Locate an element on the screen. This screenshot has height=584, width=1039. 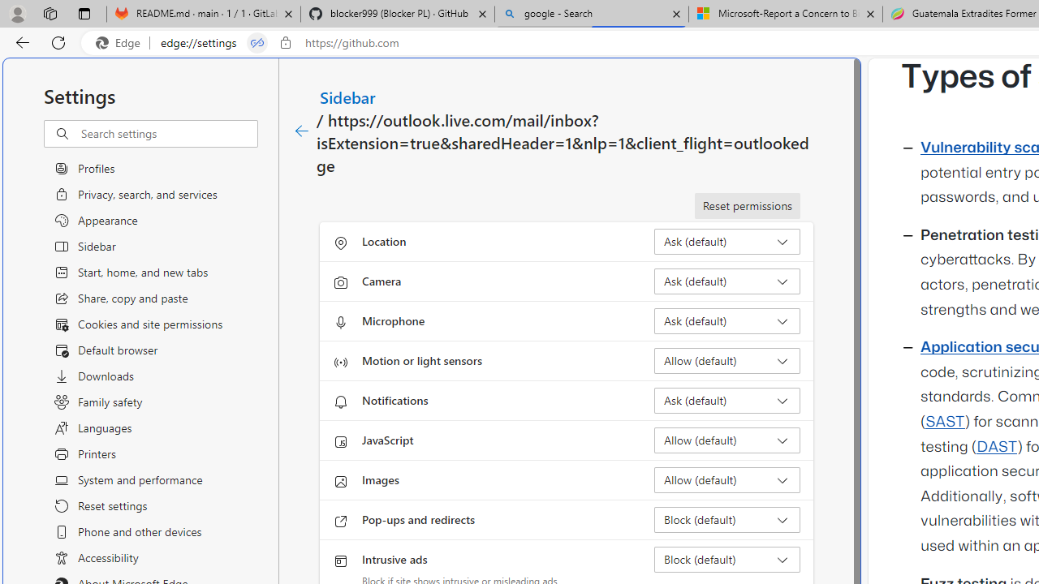
'Class: c01182' is located at coordinates (301, 131).